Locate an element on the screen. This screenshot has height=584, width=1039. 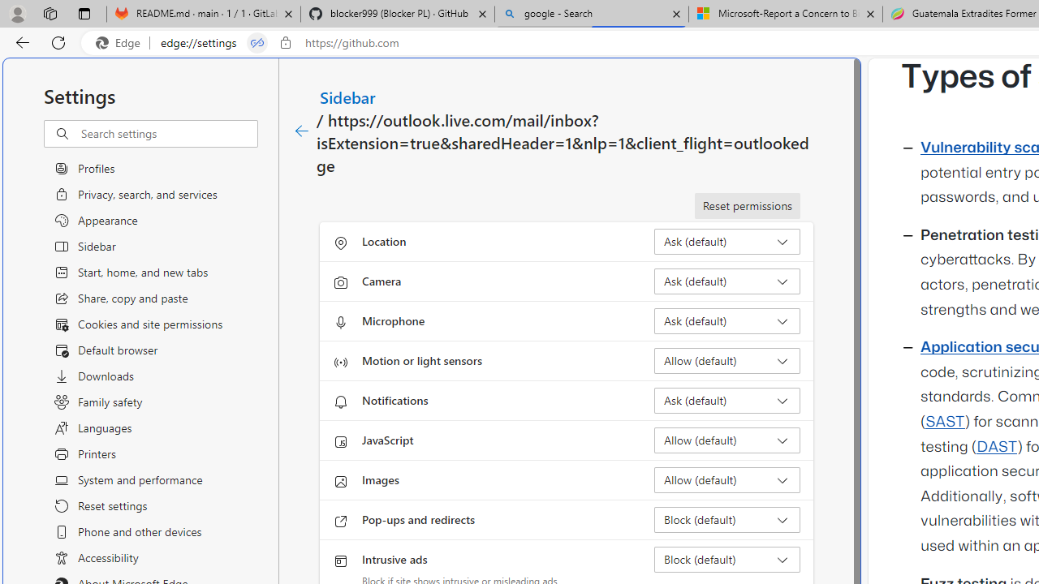
'Class: c01182' is located at coordinates (301, 131).